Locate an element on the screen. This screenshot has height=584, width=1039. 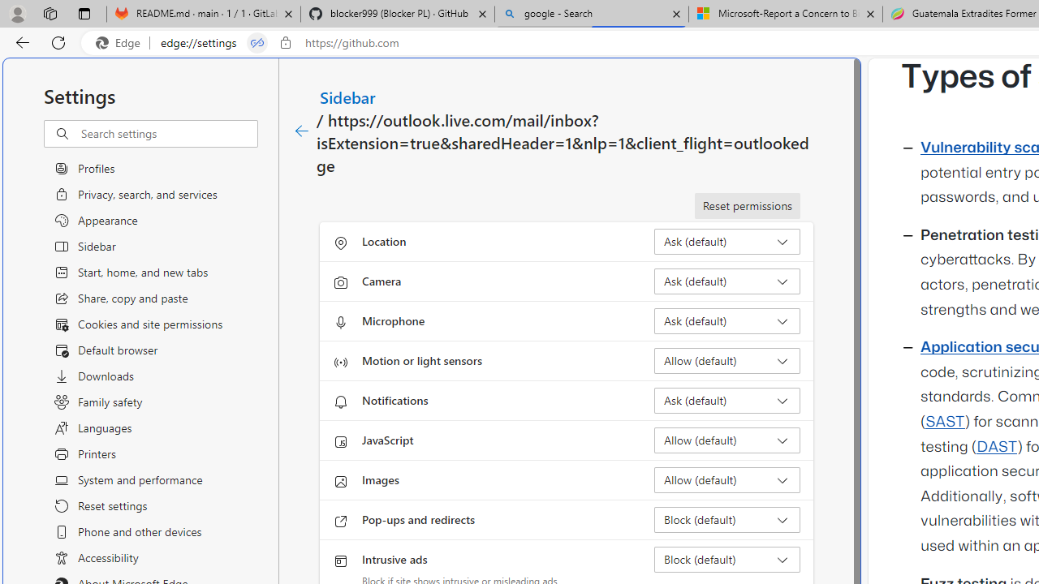
'Class: c01182' is located at coordinates (301, 131).